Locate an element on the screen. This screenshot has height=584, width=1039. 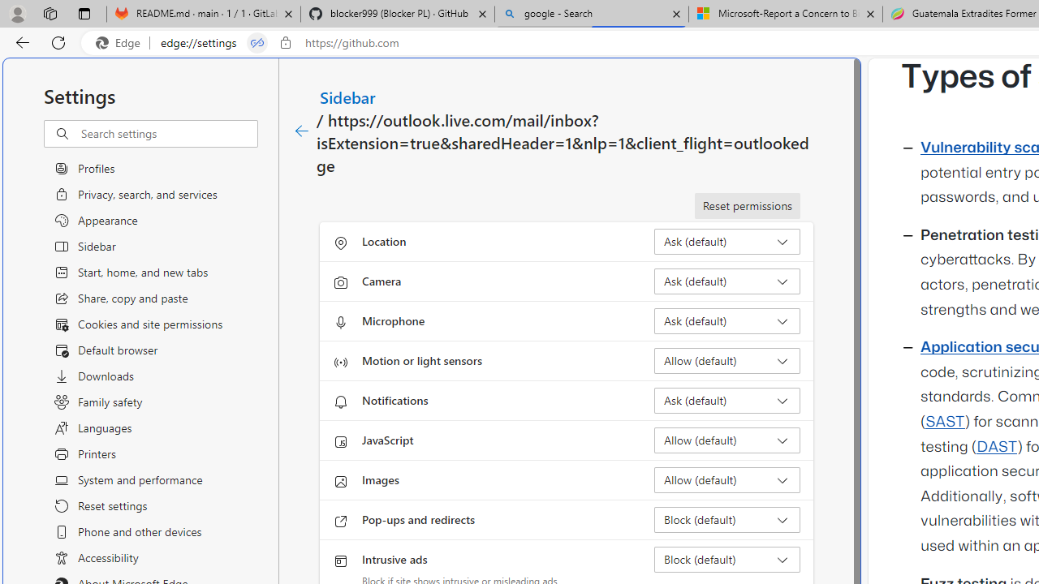
'Class: c01182' is located at coordinates (301, 131).